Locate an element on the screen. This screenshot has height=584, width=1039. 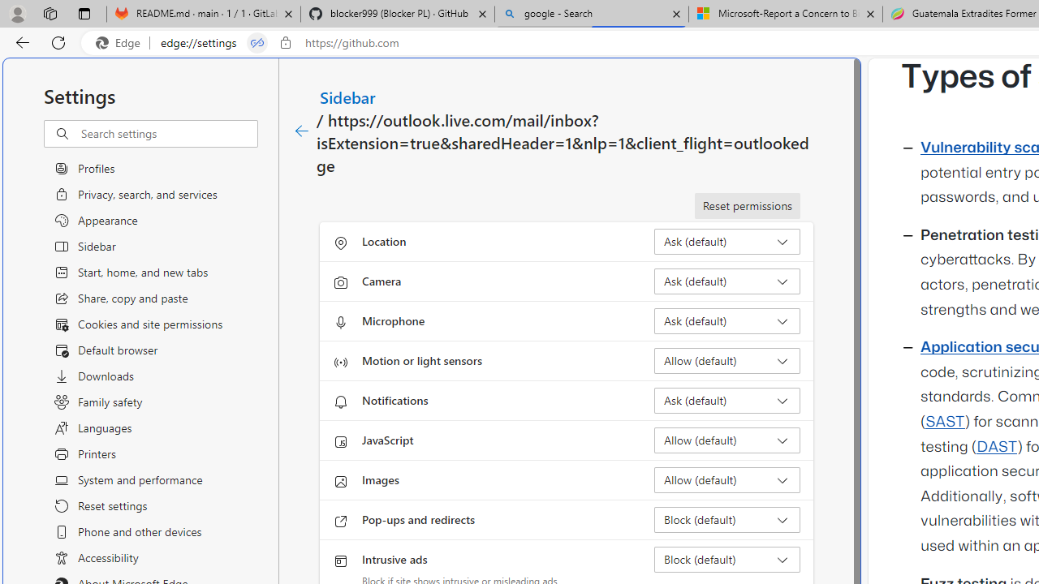
'Class: c01182' is located at coordinates (301, 131).